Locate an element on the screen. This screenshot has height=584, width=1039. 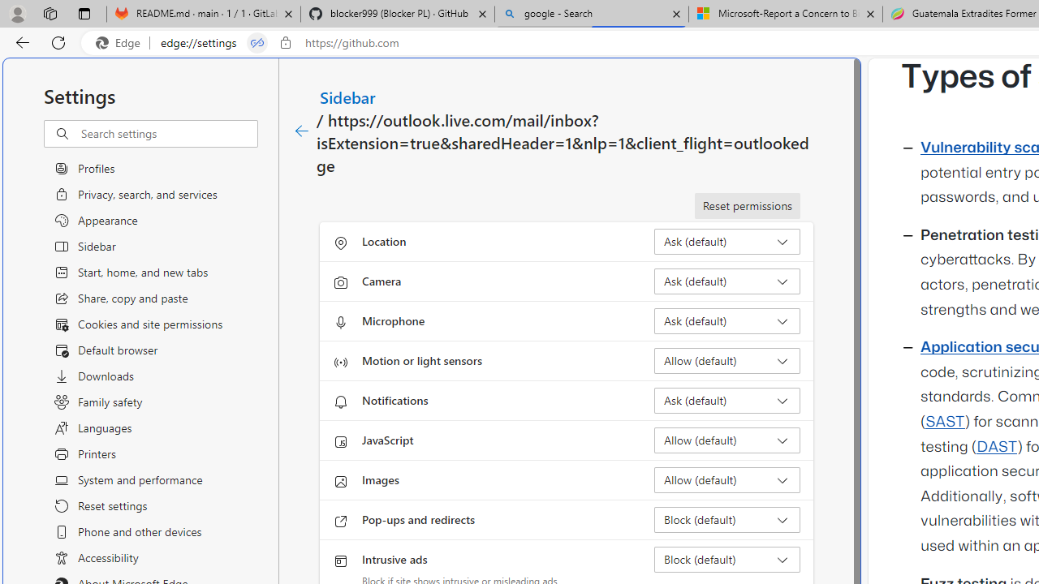
'Class: c01182' is located at coordinates (301, 131).